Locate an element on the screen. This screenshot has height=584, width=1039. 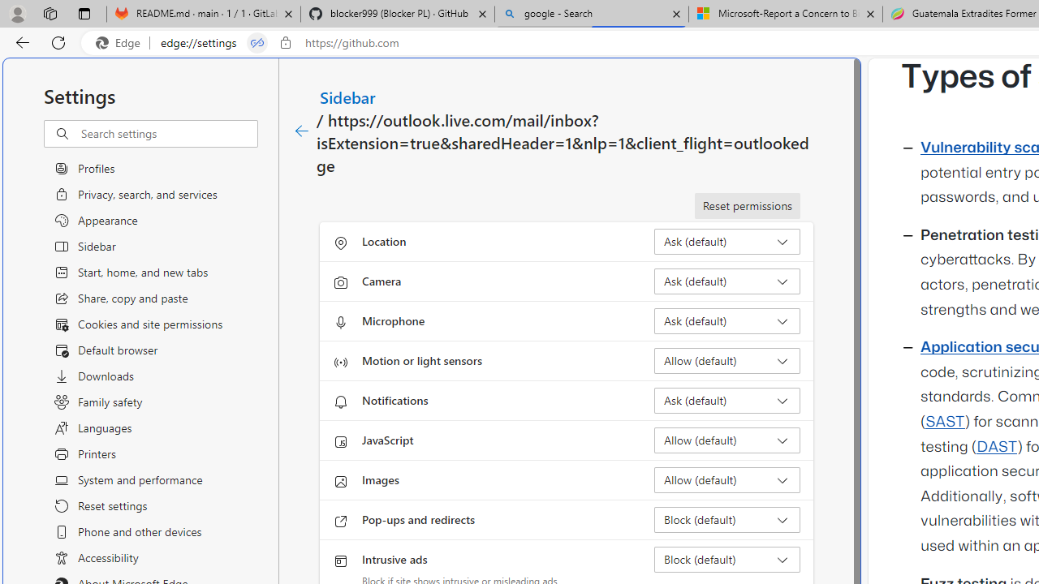
'Class: c01182' is located at coordinates (301, 131).